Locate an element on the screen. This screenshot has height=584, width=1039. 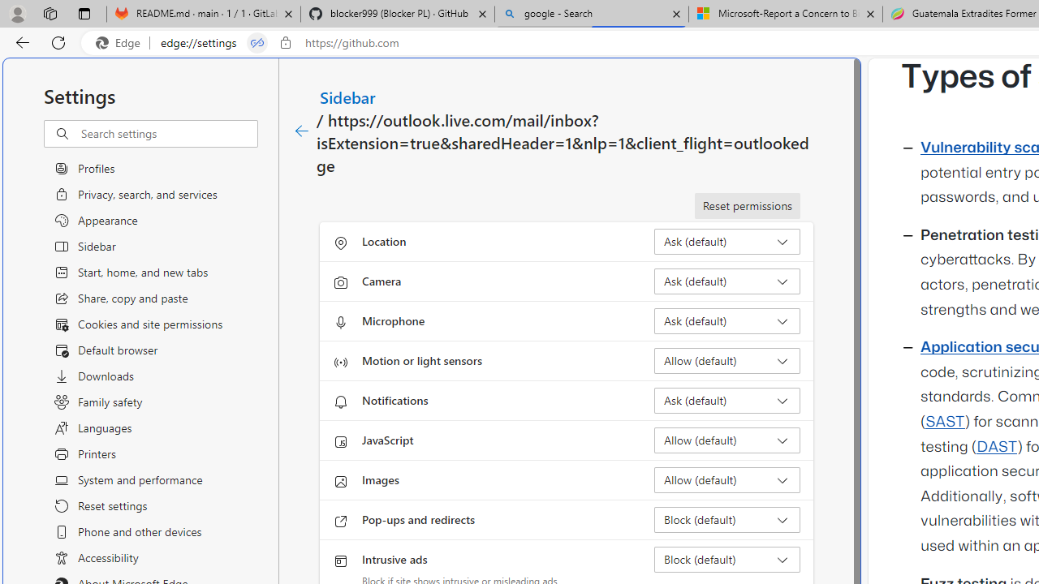
'Class: c01182' is located at coordinates (301, 131).